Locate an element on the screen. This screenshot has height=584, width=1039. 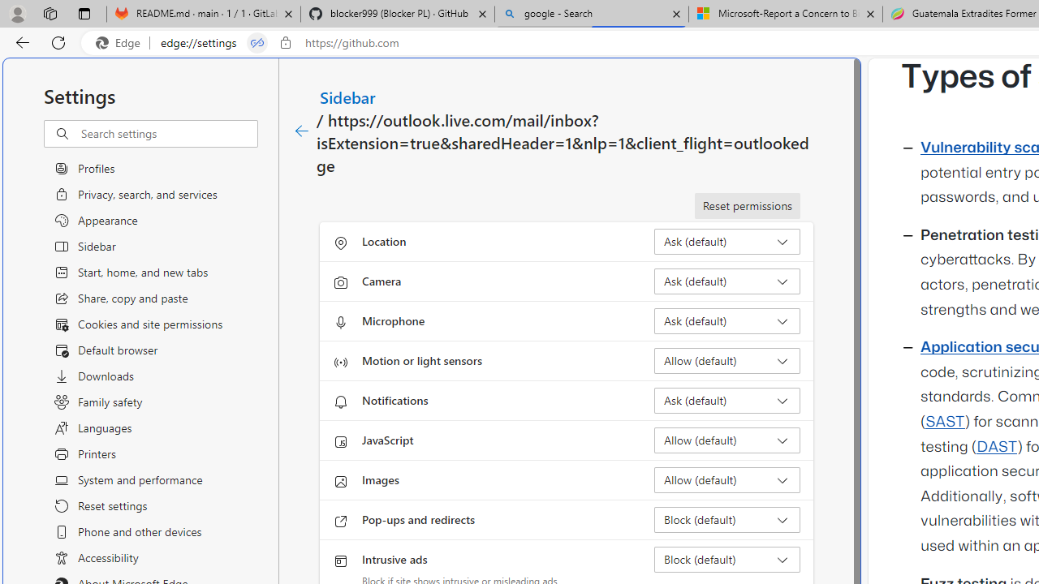
'Class: c01182' is located at coordinates (301, 131).